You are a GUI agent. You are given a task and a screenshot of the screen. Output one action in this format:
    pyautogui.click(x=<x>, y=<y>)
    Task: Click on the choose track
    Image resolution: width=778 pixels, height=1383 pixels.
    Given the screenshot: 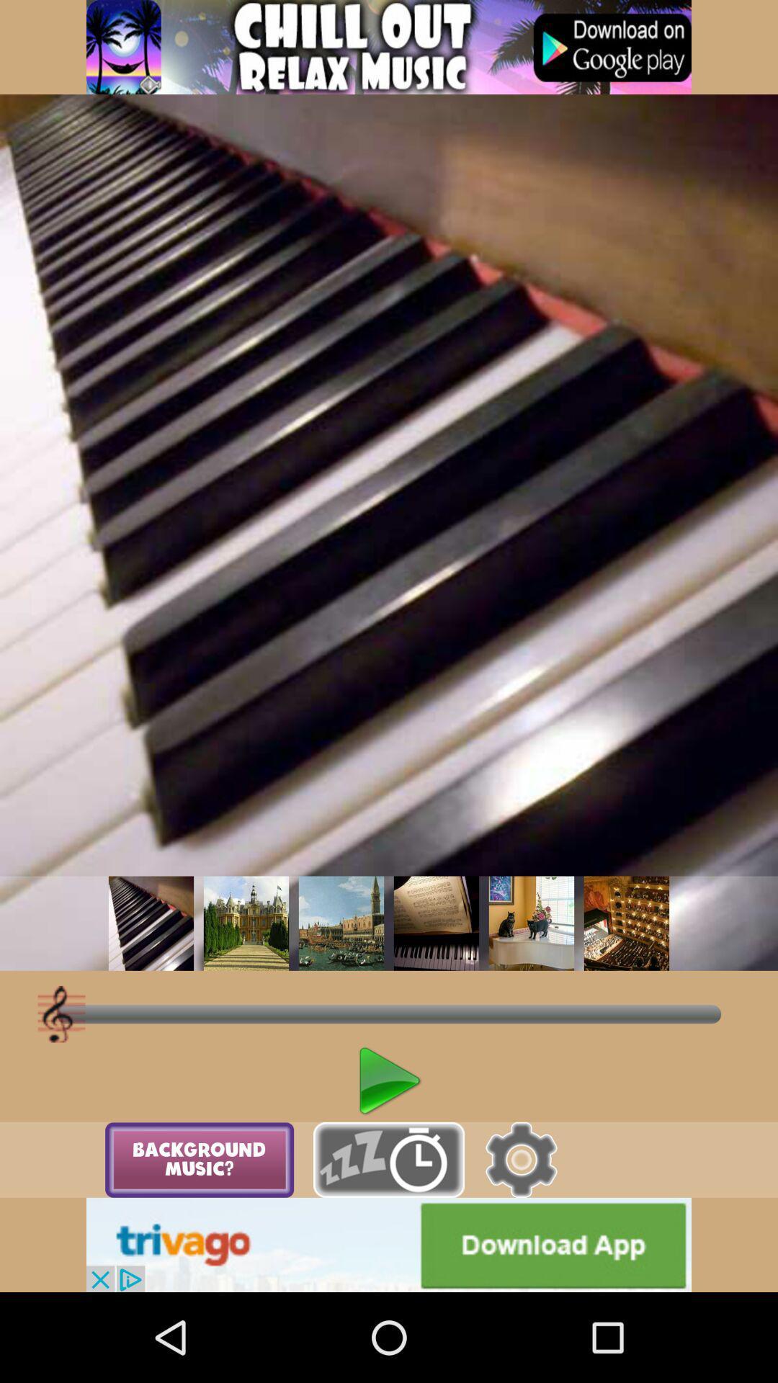 What is the action you would take?
    pyautogui.click(x=151, y=923)
    